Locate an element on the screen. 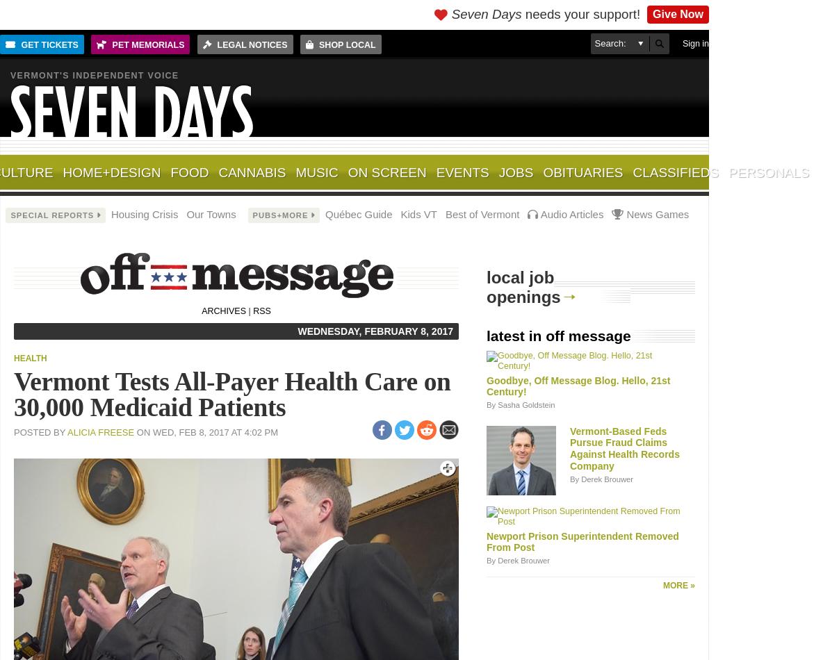 The width and height of the screenshot is (814, 660). 'Pet Memorials' is located at coordinates (108, 44).